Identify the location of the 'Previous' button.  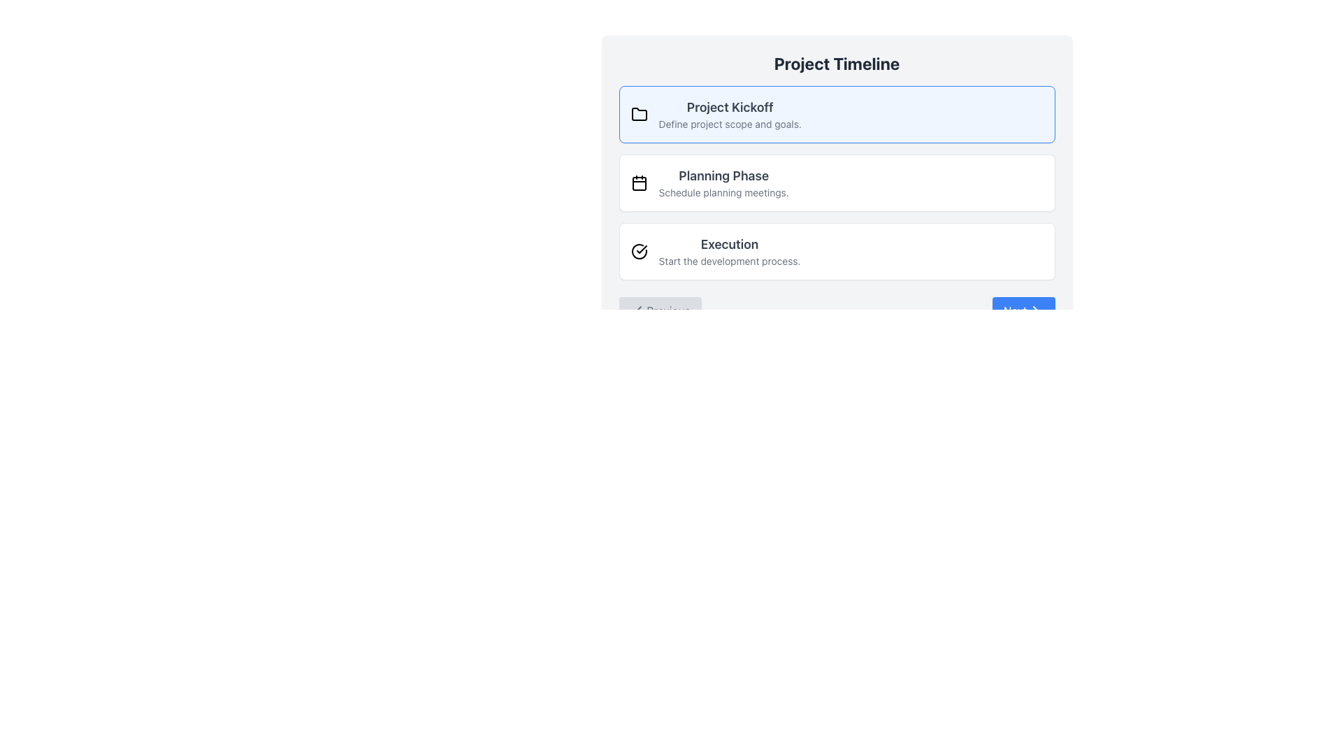
(659, 310).